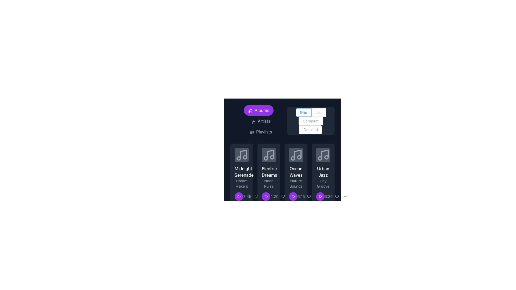  Describe the element at coordinates (255, 197) in the screenshot. I see `the heart icon located in the bottom section of the second music tile to like or favorite the item` at that location.